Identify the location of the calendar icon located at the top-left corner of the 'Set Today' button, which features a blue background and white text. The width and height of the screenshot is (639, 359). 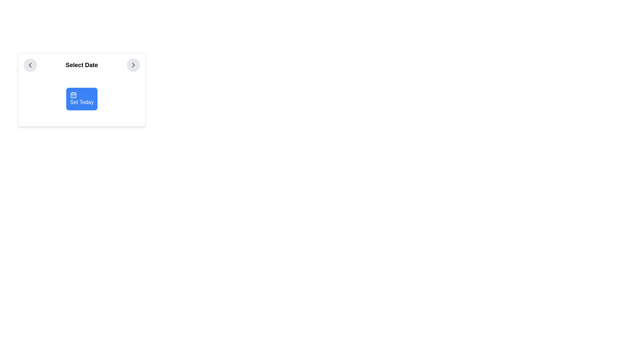
(73, 95).